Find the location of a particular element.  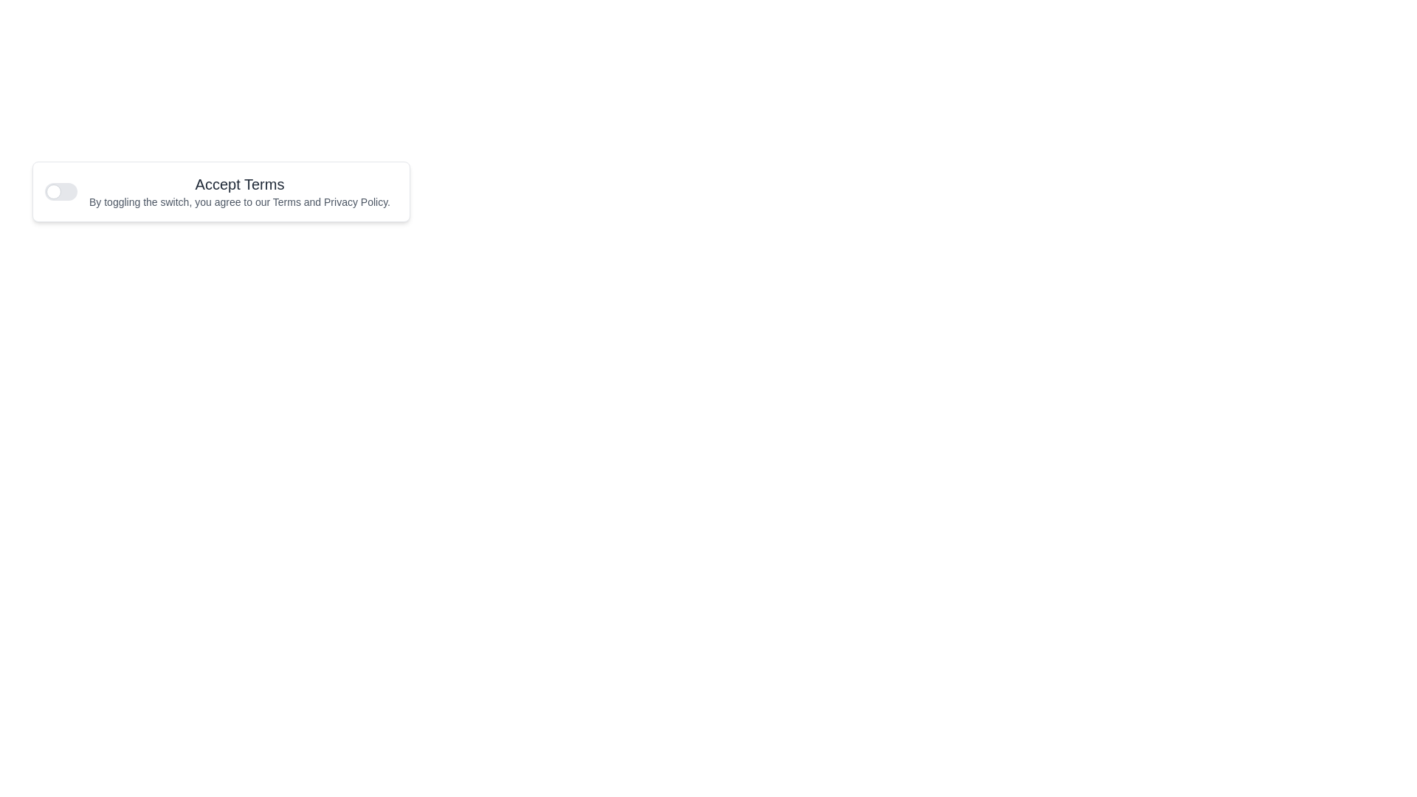

the Toggle agreement component, which features a toggle switch on the left and the text 'Accept Terms' and 'By toggling the switch, you agree to our Terms and Privacy Policy.' is located at coordinates (220, 190).